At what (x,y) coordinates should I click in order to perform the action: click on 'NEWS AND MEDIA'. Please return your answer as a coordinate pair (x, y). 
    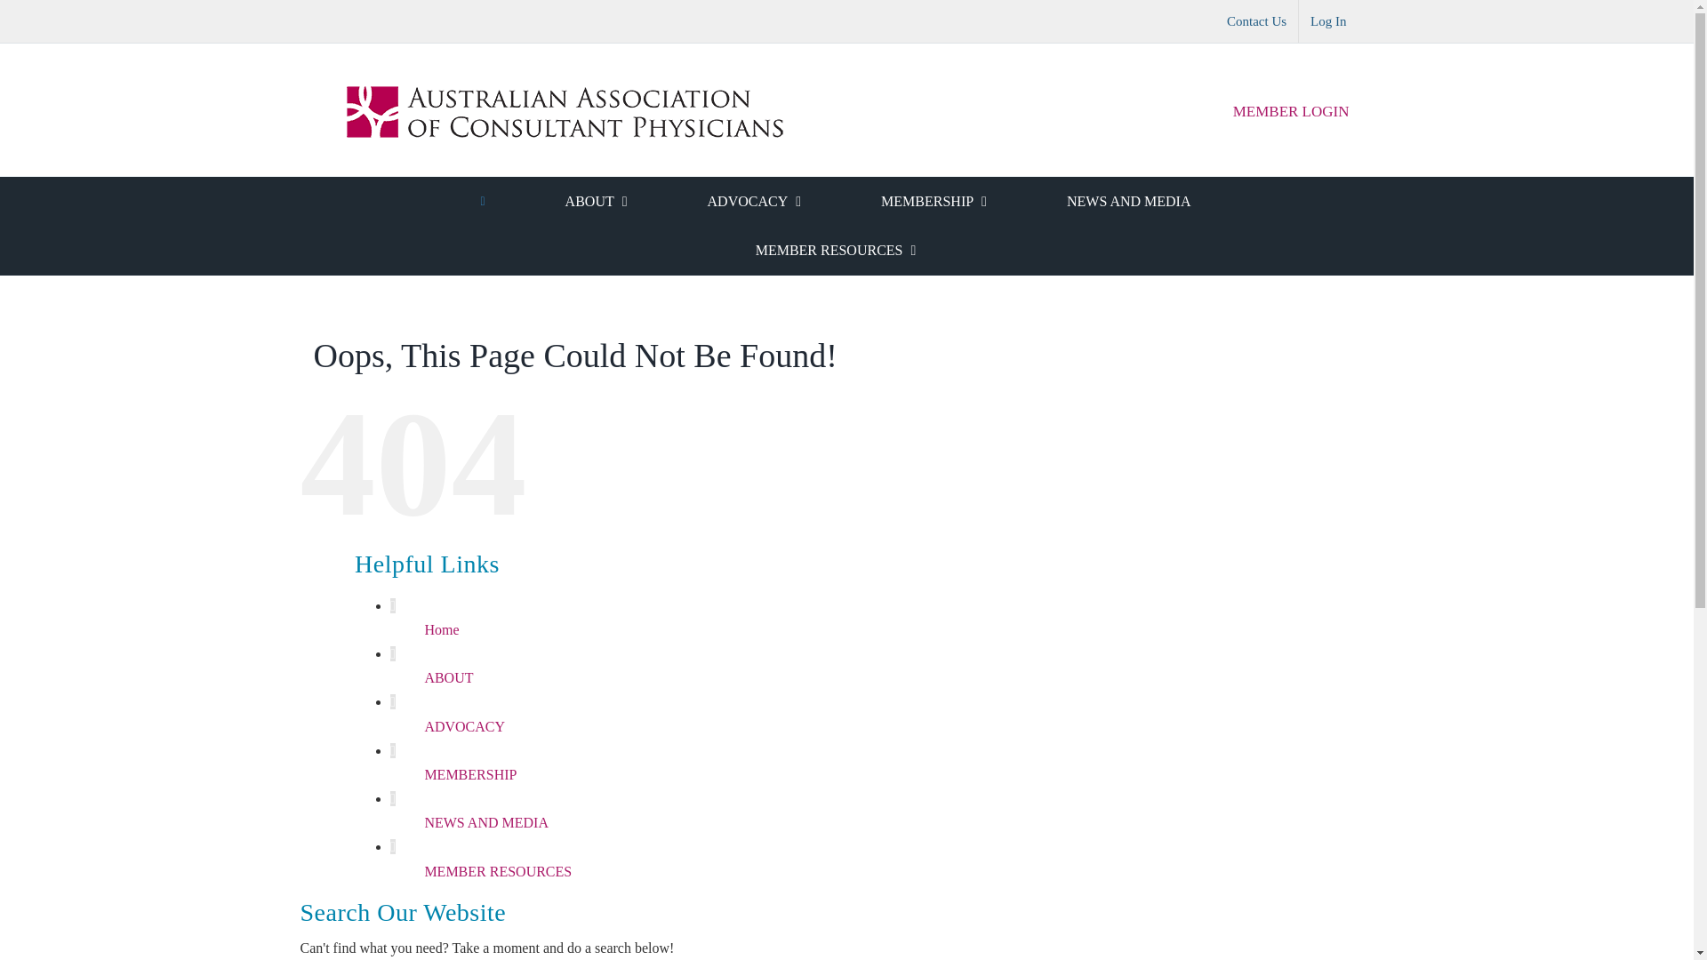
    Looking at the image, I should click on (1127, 200).